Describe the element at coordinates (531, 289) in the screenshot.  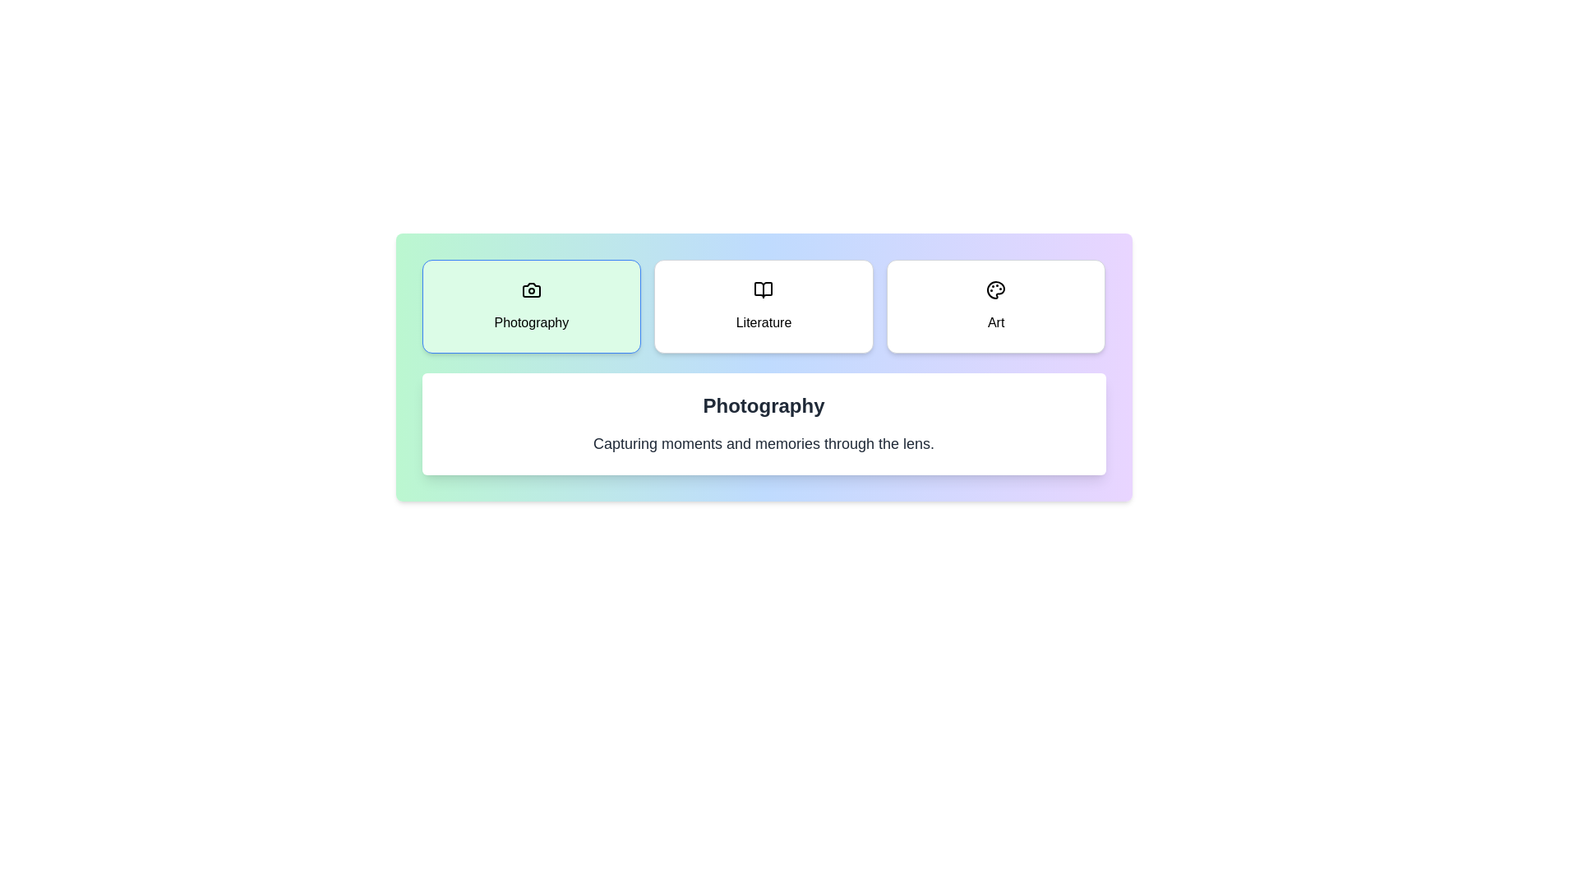
I see `the camera icon located in the top-left section of the interface` at that location.